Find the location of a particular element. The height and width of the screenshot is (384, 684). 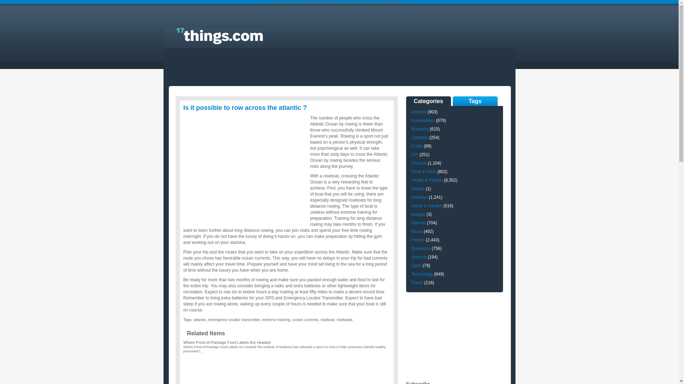

'Travel' is located at coordinates (417, 282).